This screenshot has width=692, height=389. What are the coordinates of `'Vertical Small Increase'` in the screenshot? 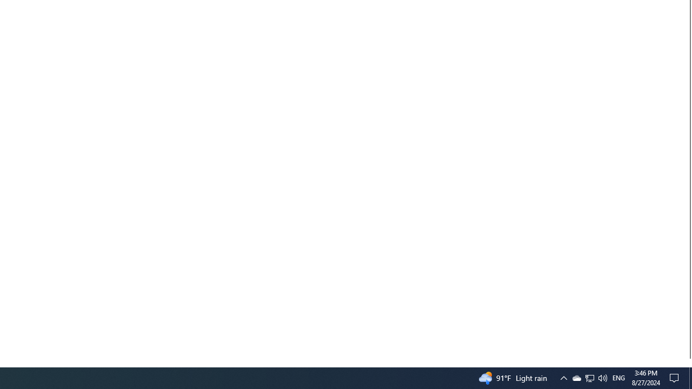 It's located at (687, 363).